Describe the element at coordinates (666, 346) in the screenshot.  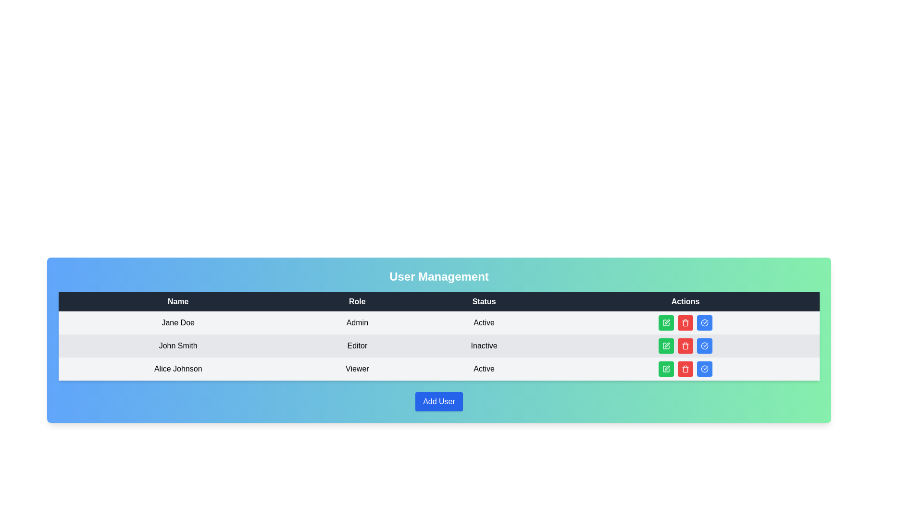
I see `the 'Edit' button for user 'John Smith' in the Actions column of the user management table` at that location.